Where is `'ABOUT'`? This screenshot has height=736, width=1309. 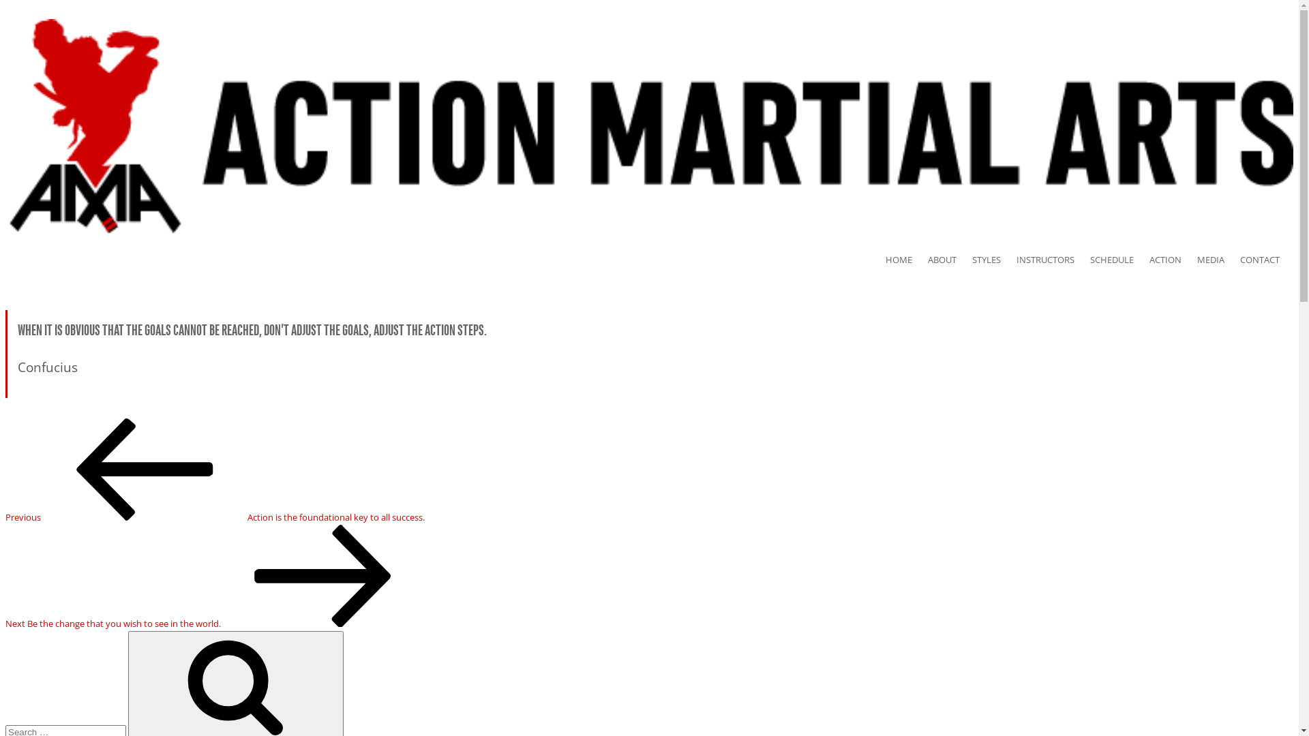 'ABOUT' is located at coordinates (948, 260).